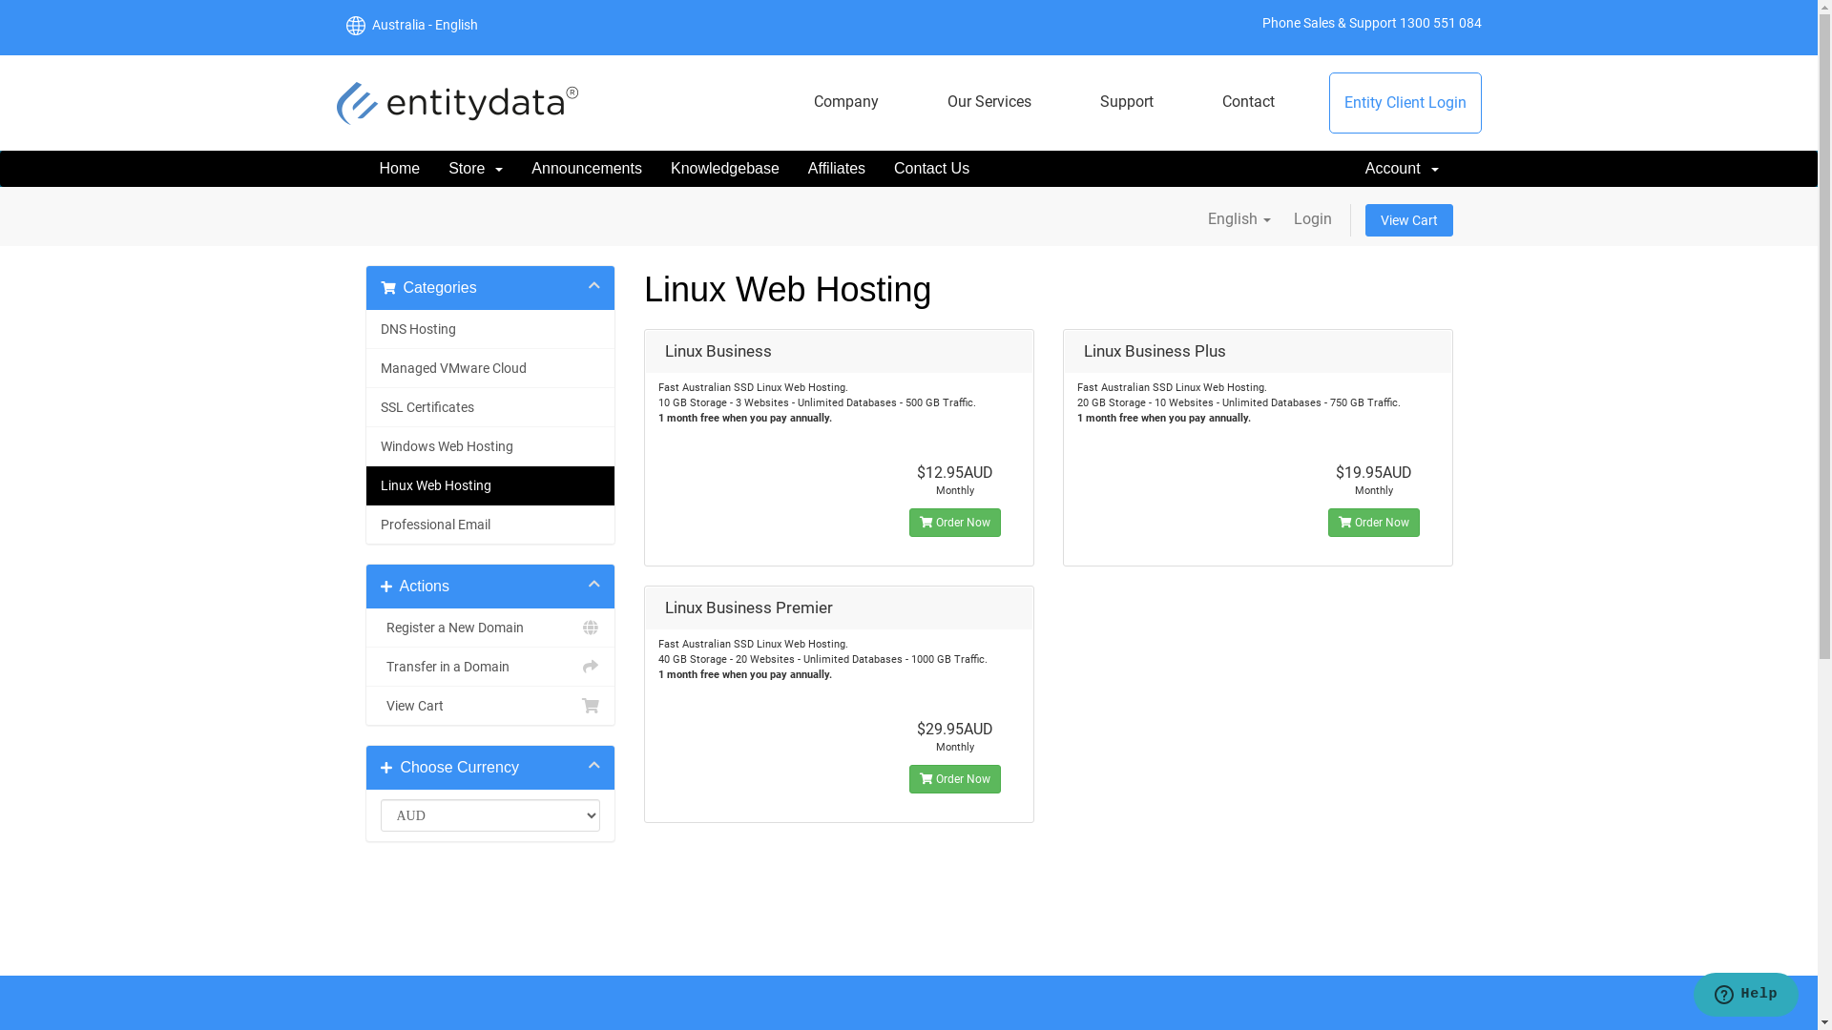  Describe the element at coordinates (1405, 103) in the screenshot. I see `'Entity Client Login'` at that location.